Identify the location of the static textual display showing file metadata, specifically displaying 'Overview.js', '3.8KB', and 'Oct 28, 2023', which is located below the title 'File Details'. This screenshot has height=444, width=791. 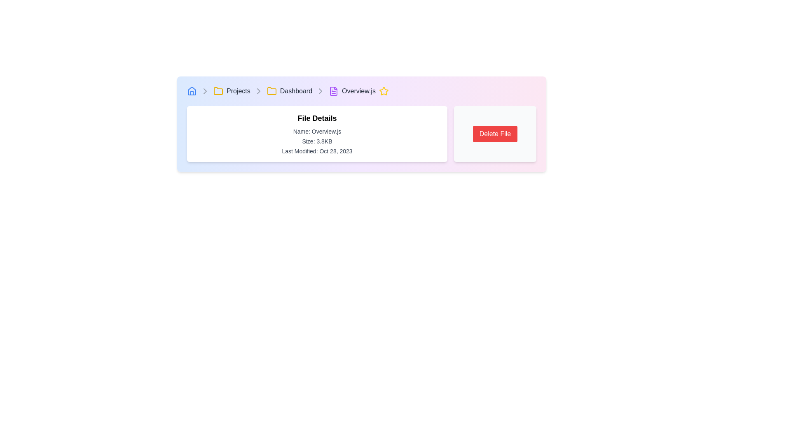
(316, 141).